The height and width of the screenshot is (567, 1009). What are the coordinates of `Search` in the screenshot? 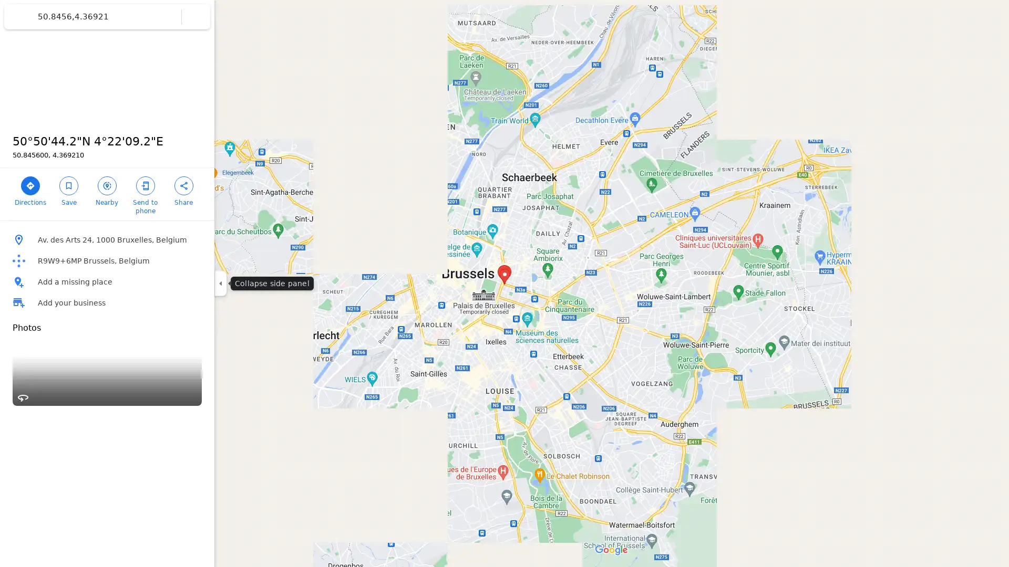 It's located at (167, 16).